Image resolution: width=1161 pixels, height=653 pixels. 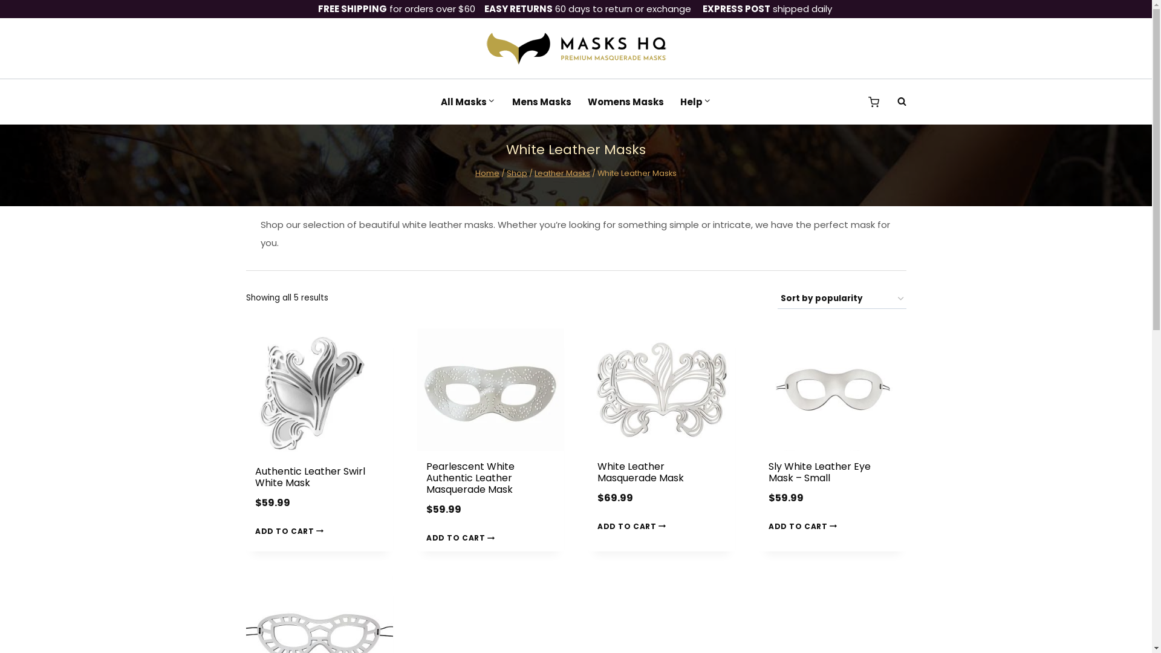 I want to click on 'Mens Masks', so click(x=541, y=101).